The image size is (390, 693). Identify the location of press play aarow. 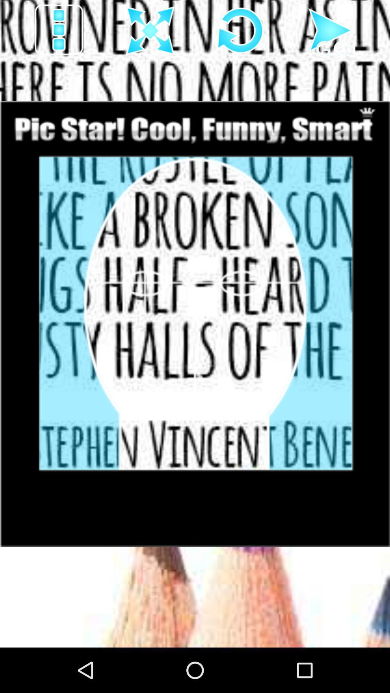
(331, 30).